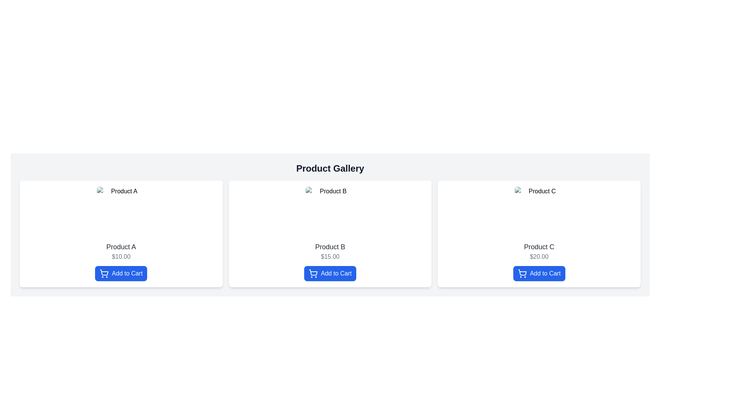 The width and height of the screenshot is (730, 411). I want to click on the static text displaying the price '$20.00' in gray font, located below the title 'Product C' in the product card, so click(539, 257).